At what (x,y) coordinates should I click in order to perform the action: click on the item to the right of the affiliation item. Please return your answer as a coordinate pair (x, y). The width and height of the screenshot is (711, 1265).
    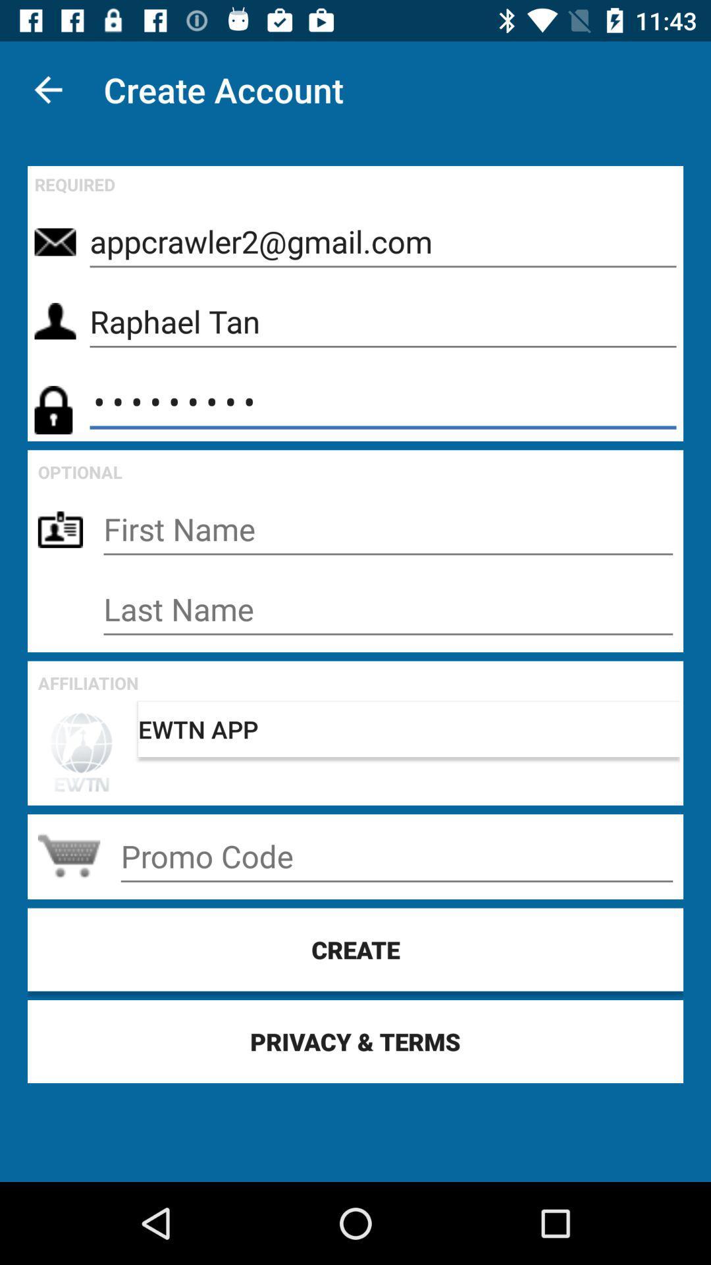
    Looking at the image, I should click on (408, 729).